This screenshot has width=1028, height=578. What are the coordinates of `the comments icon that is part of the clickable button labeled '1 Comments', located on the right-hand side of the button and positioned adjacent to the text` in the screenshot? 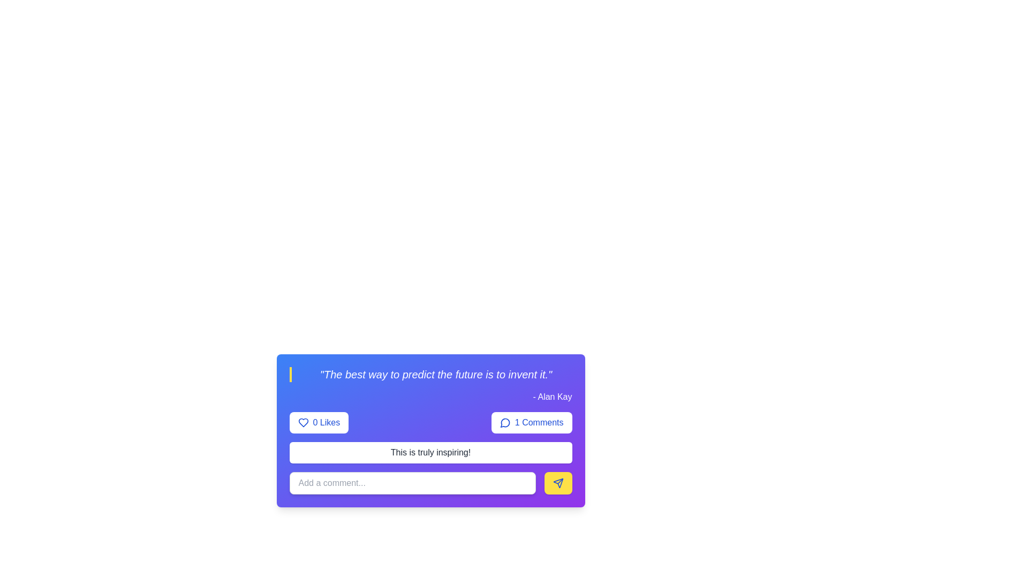 It's located at (504, 422).